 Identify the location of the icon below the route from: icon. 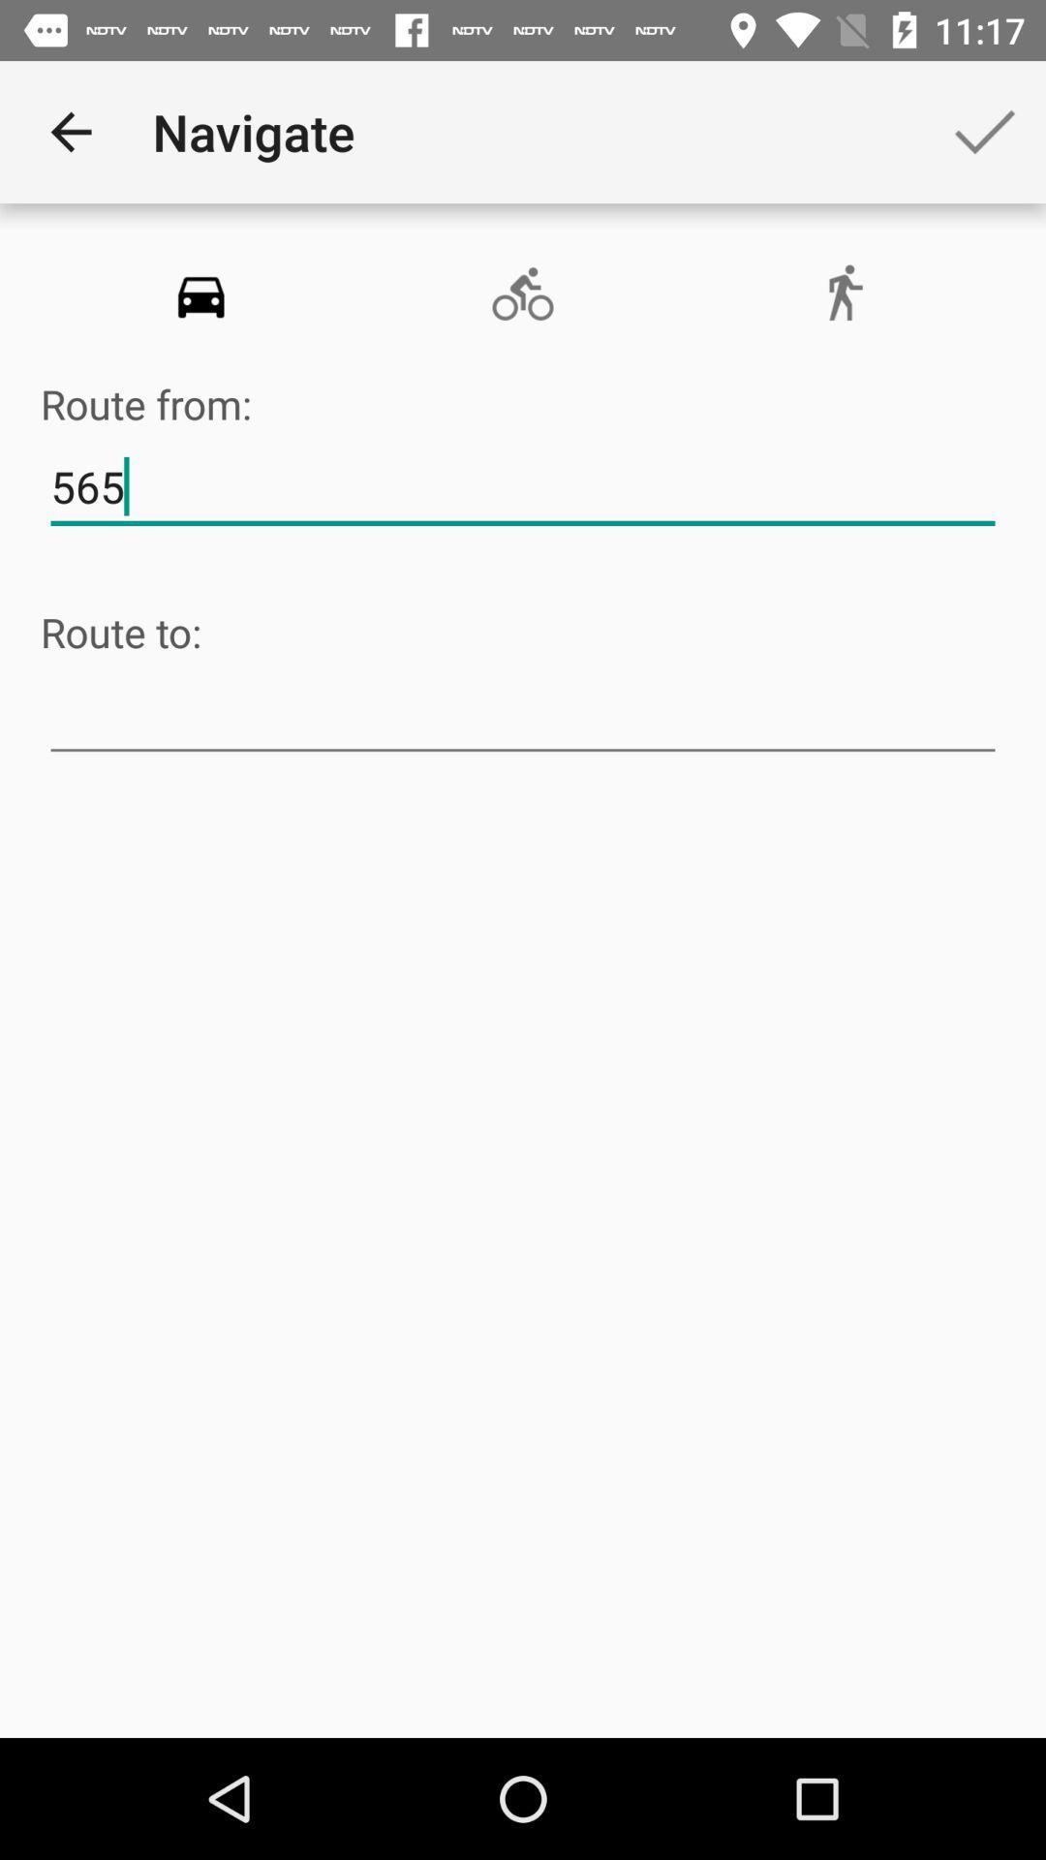
(523, 487).